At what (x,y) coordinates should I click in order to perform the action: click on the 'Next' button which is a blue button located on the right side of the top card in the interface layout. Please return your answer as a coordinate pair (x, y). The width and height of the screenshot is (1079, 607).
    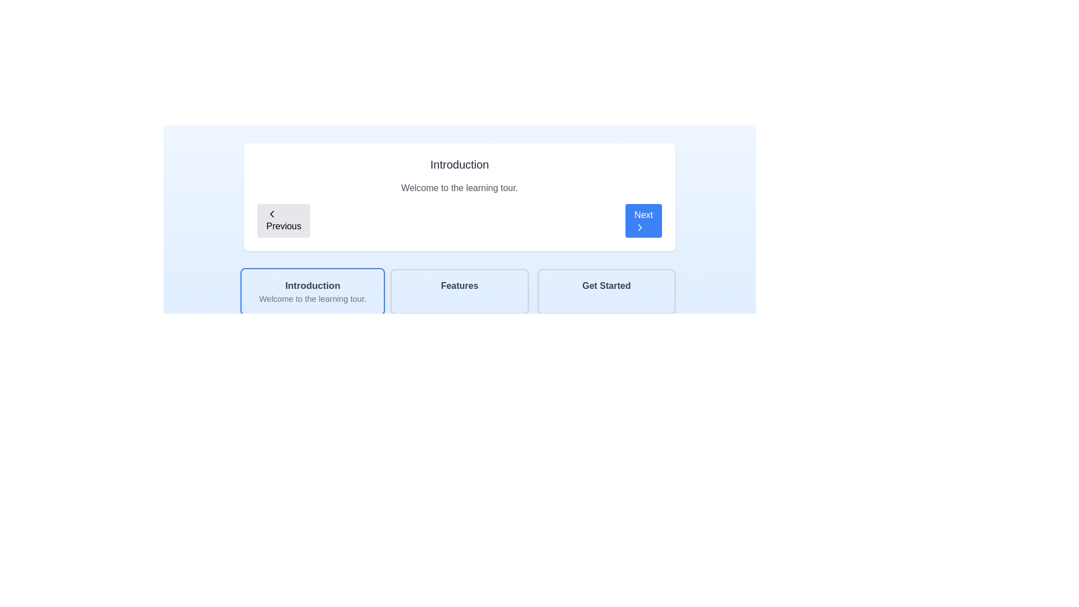
    Looking at the image, I should click on (640, 228).